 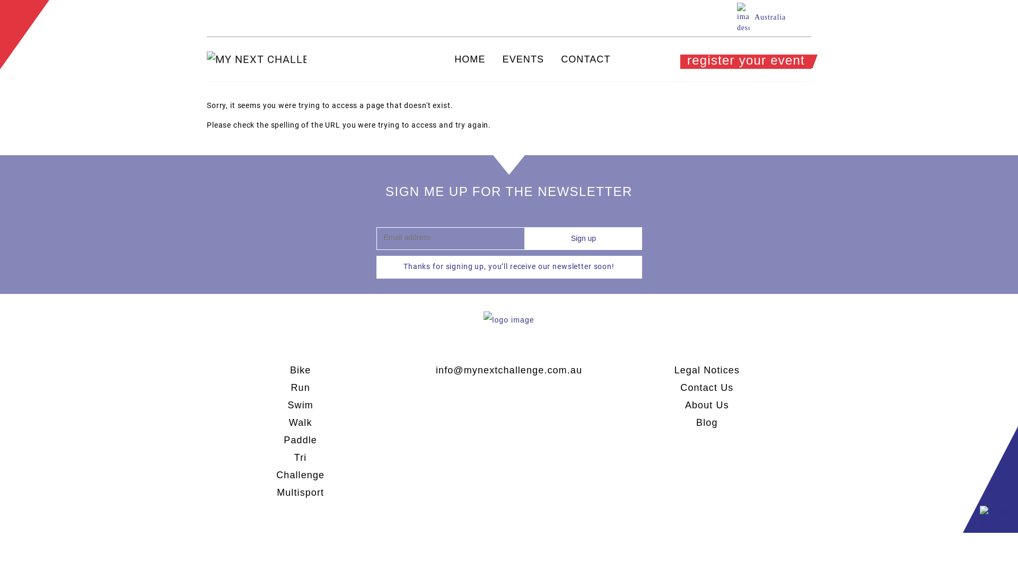 What do you see at coordinates (469, 60) in the screenshot?
I see `'HOME'` at bounding box center [469, 60].